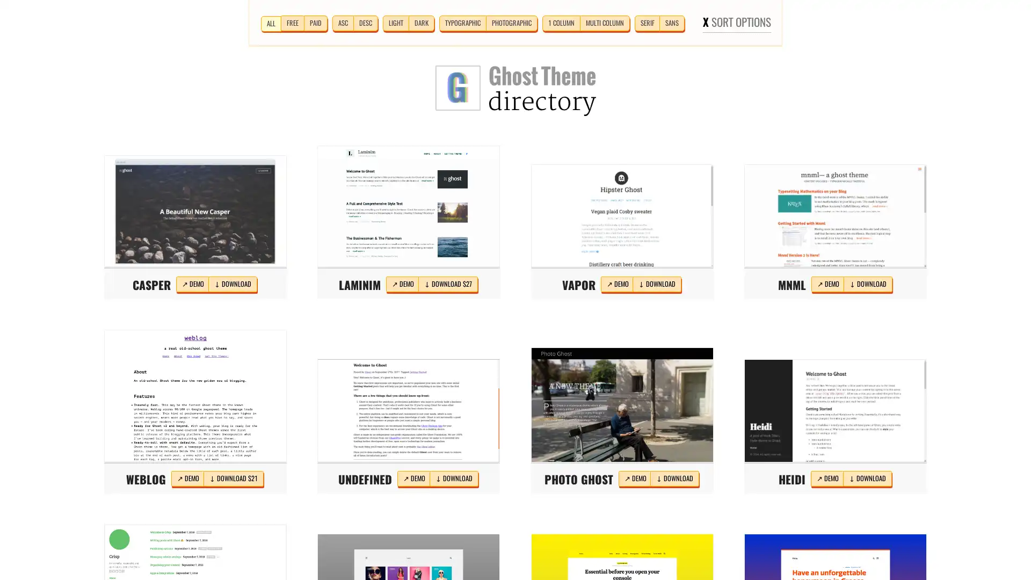 This screenshot has height=580, width=1031. I want to click on ALL, so click(271, 23).